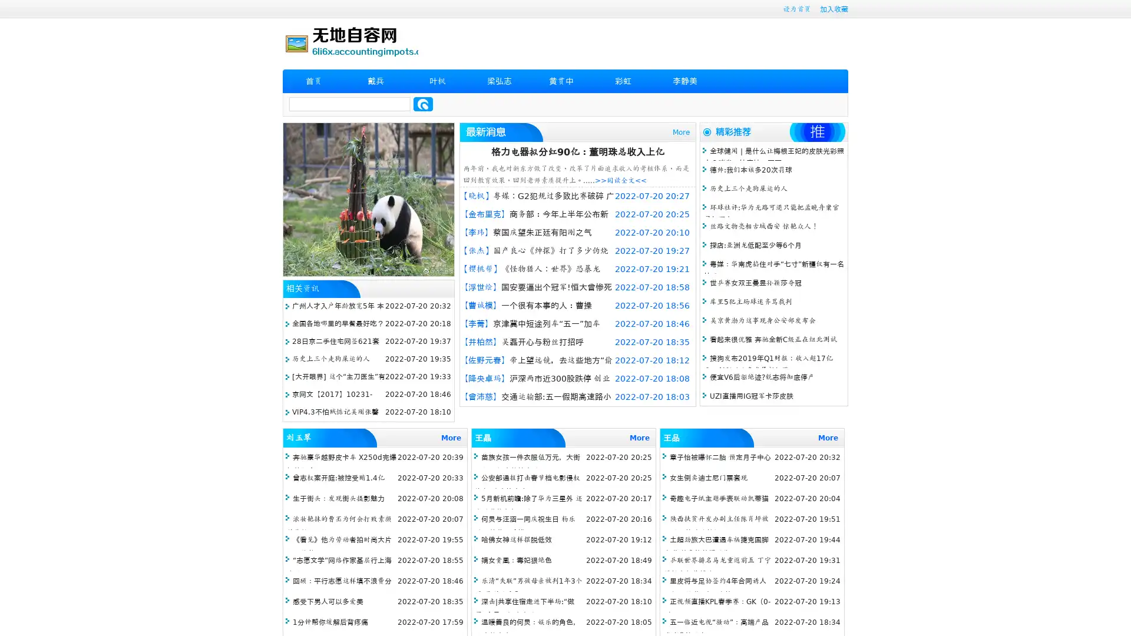 The width and height of the screenshot is (1131, 636). What do you see at coordinates (423, 104) in the screenshot?
I see `Search` at bounding box center [423, 104].